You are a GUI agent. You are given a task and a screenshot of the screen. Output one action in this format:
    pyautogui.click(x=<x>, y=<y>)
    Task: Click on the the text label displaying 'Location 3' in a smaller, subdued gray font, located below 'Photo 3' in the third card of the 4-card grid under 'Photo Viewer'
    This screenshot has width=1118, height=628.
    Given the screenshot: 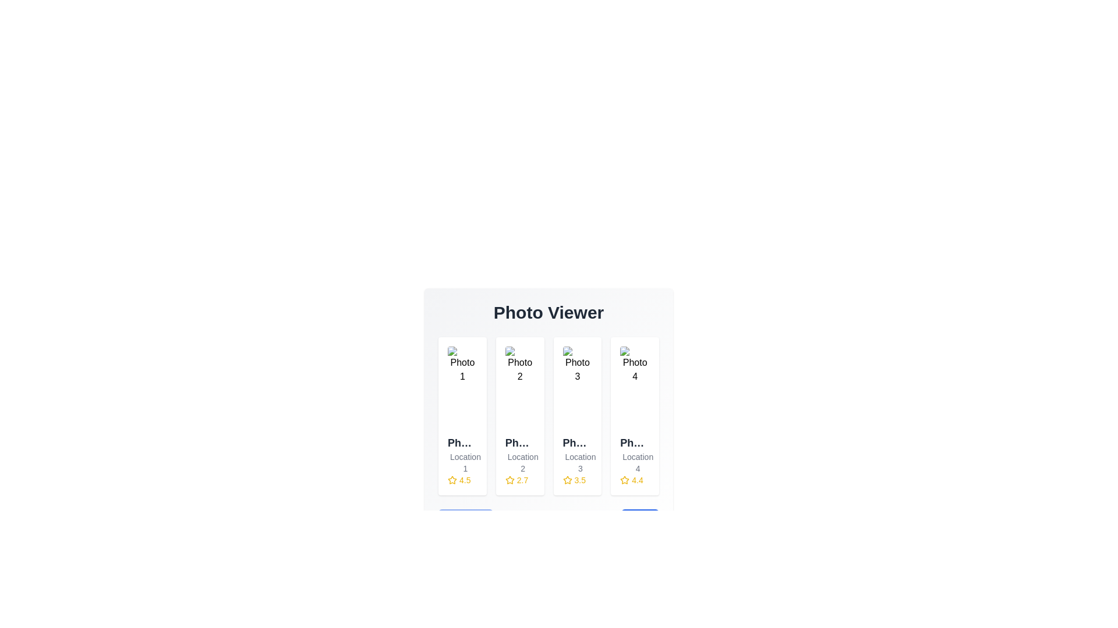 What is the action you would take?
    pyautogui.click(x=577, y=462)
    